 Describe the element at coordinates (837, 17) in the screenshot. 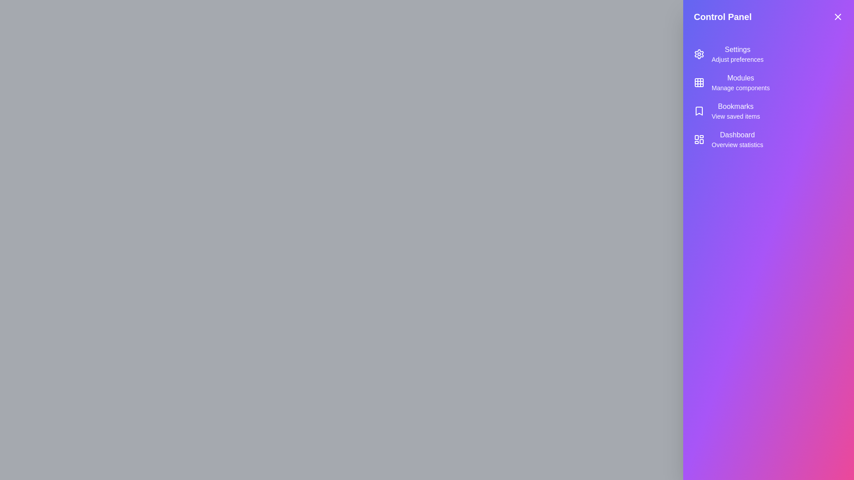

I see `the close button represented by an outlined 'X' icon in the upper-right corner of the 'Control Panel'` at that location.